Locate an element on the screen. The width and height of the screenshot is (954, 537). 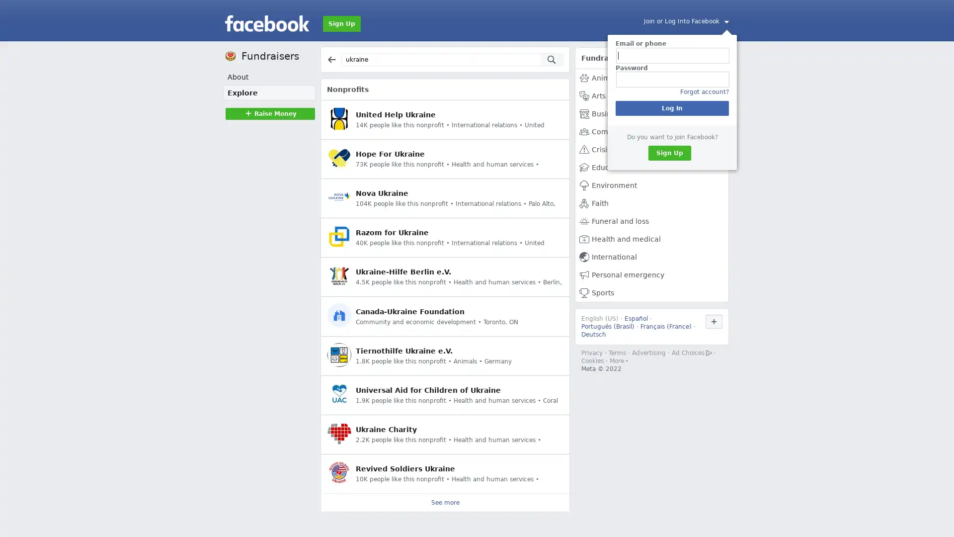
Raise MoneyRaise Money is located at coordinates (270, 112).